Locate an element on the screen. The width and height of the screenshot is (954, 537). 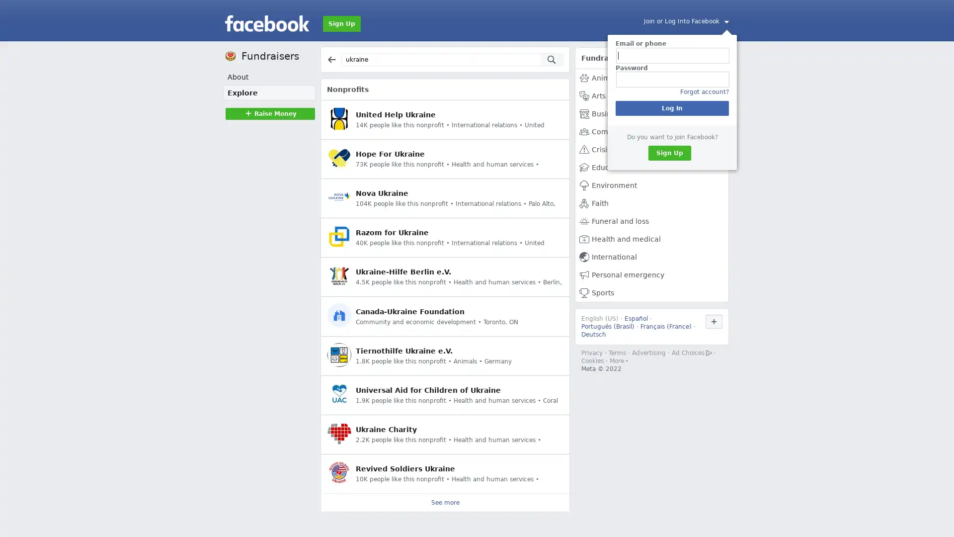
Raise MoneyRaise Money is located at coordinates (270, 112).